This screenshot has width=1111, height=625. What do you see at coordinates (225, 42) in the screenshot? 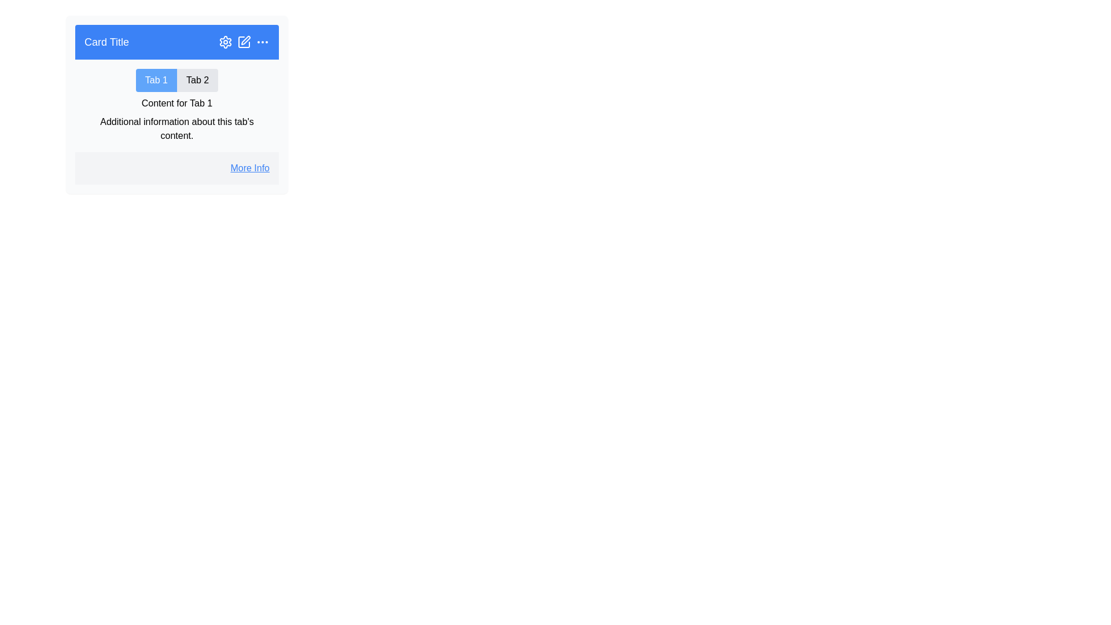
I see `the settings icon located at the top-right section of the blue header area within the card layout` at bounding box center [225, 42].